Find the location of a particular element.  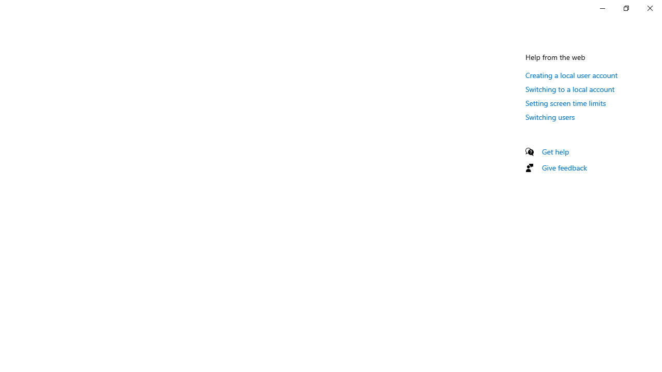

'Setting screen time limits' is located at coordinates (565, 103).